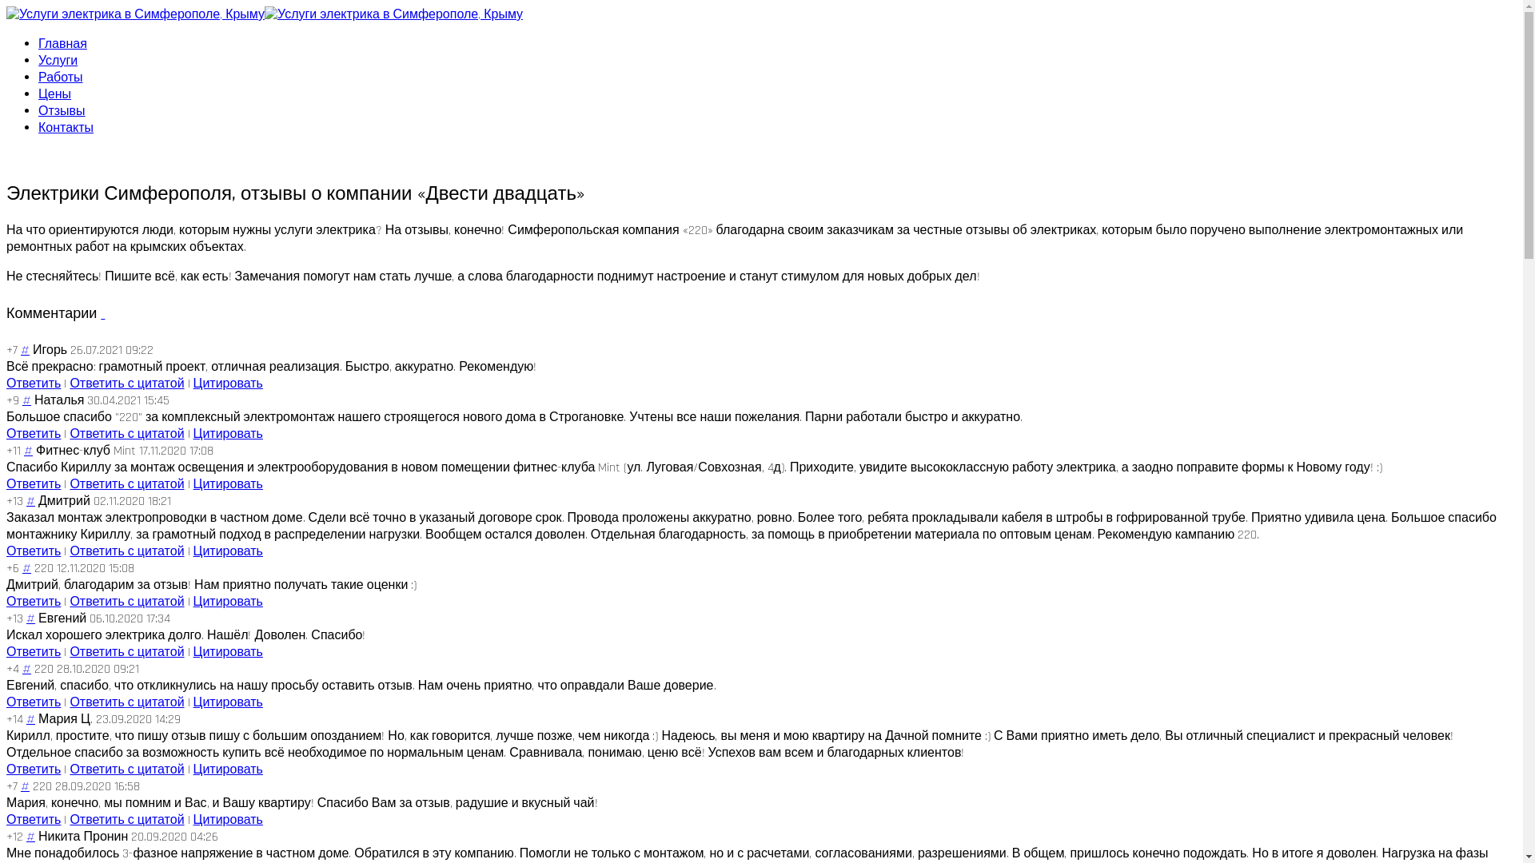 This screenshot has height=863, width=1535. I want to click on '#', so click(26, 669).